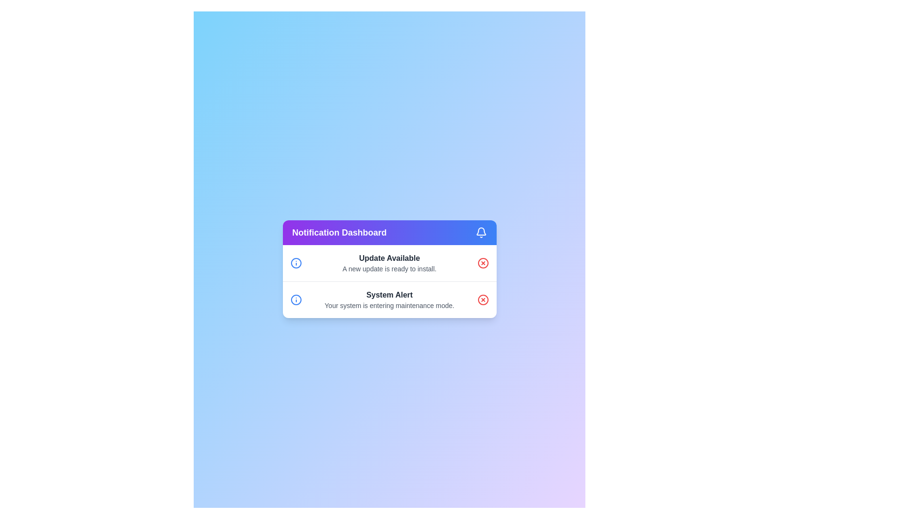 Image resolution: width=916 pixels, height=515 pixels. What do you see at coordinates (389, 258) in the screenshot?
I see `text label displaying 'Update Available', which is bold and dark gray, located within the notification card beneath the 'Notification Dashboard' heading` at bounding box center [389, 258].